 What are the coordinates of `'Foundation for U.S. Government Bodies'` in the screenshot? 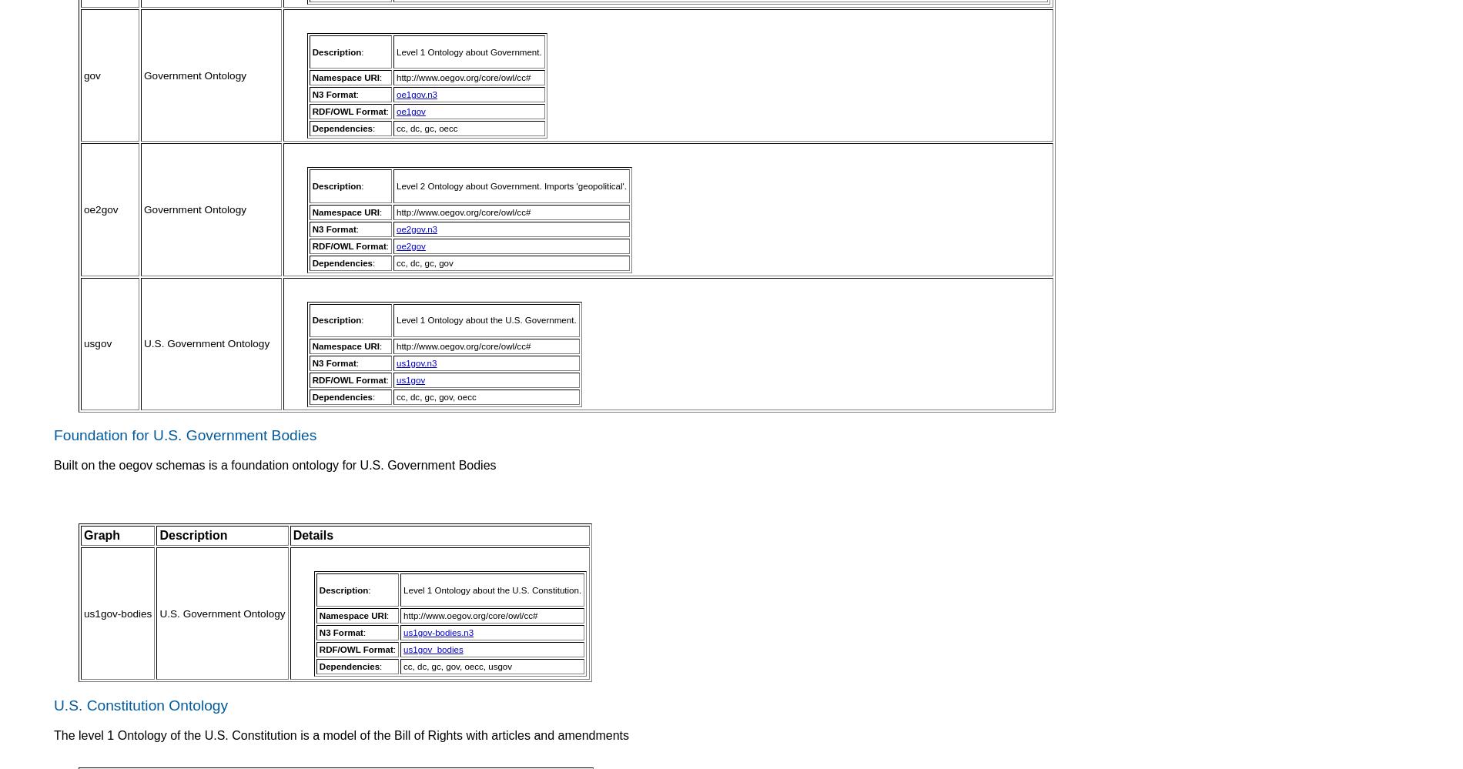 It's located at (184, 435).